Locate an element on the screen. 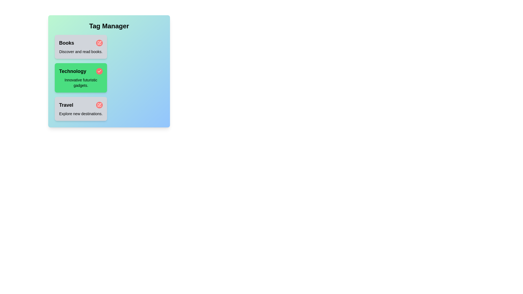 Image resolution: width=523 pixels, height=294 pixels. the tag card for Books is located at coordinates (81, 47).